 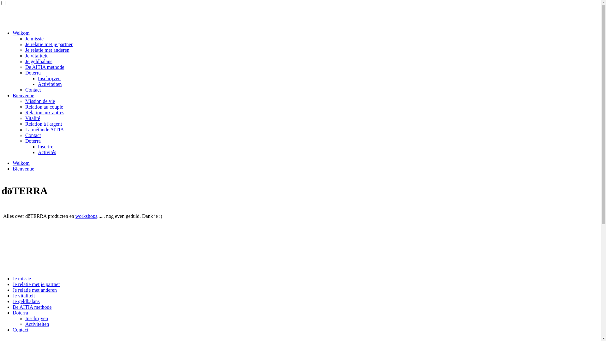 I want to click on 'Je missie', so click(x=34, y=39).